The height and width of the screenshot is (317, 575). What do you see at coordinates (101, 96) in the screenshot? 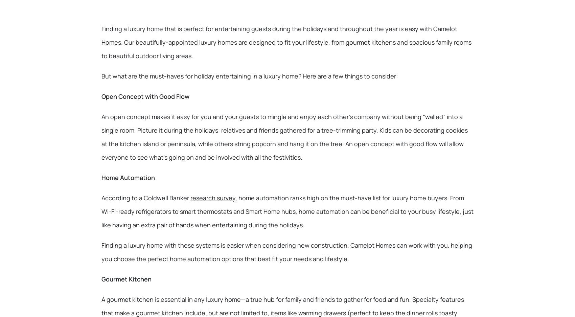
I see `'Open Concept with Good Flow'` at bounding box center [101, 96].